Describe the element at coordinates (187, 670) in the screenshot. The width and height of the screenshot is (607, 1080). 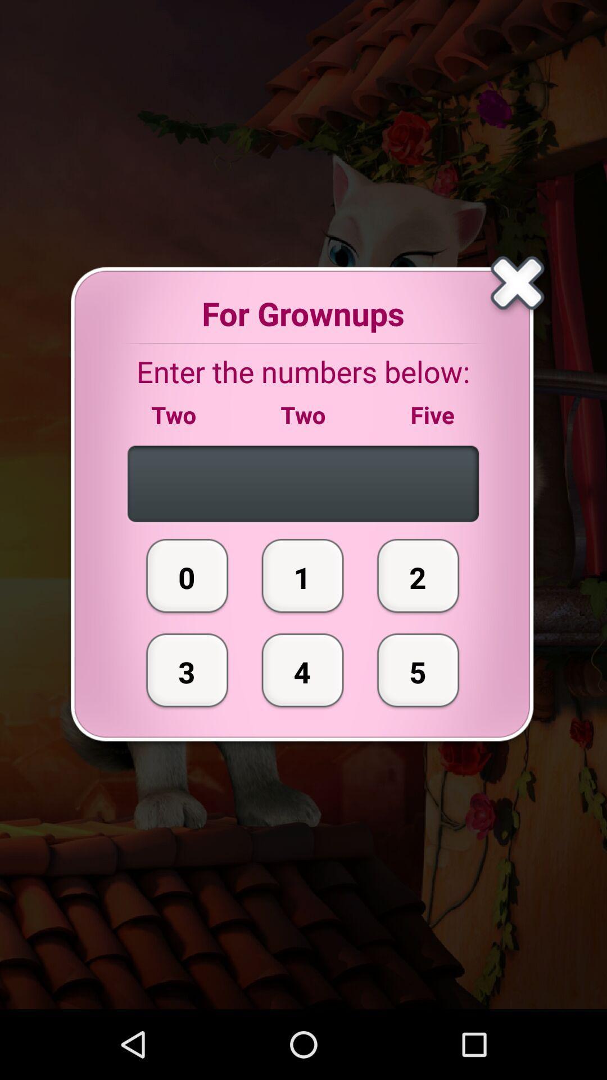
I see `item to the left of the 1 item` at that location.